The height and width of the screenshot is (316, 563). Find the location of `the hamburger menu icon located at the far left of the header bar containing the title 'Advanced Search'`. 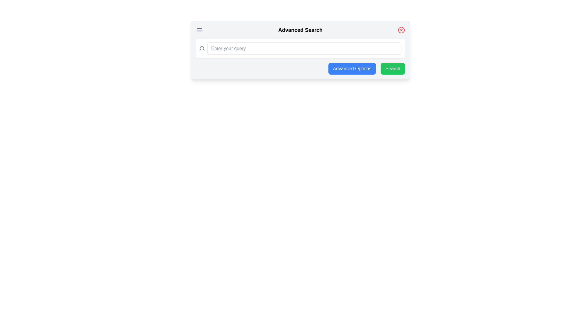

the hamburger menu icon located at the far left of the header bar containing the title 'Advanced Search' is located at coordinates (199, 30).